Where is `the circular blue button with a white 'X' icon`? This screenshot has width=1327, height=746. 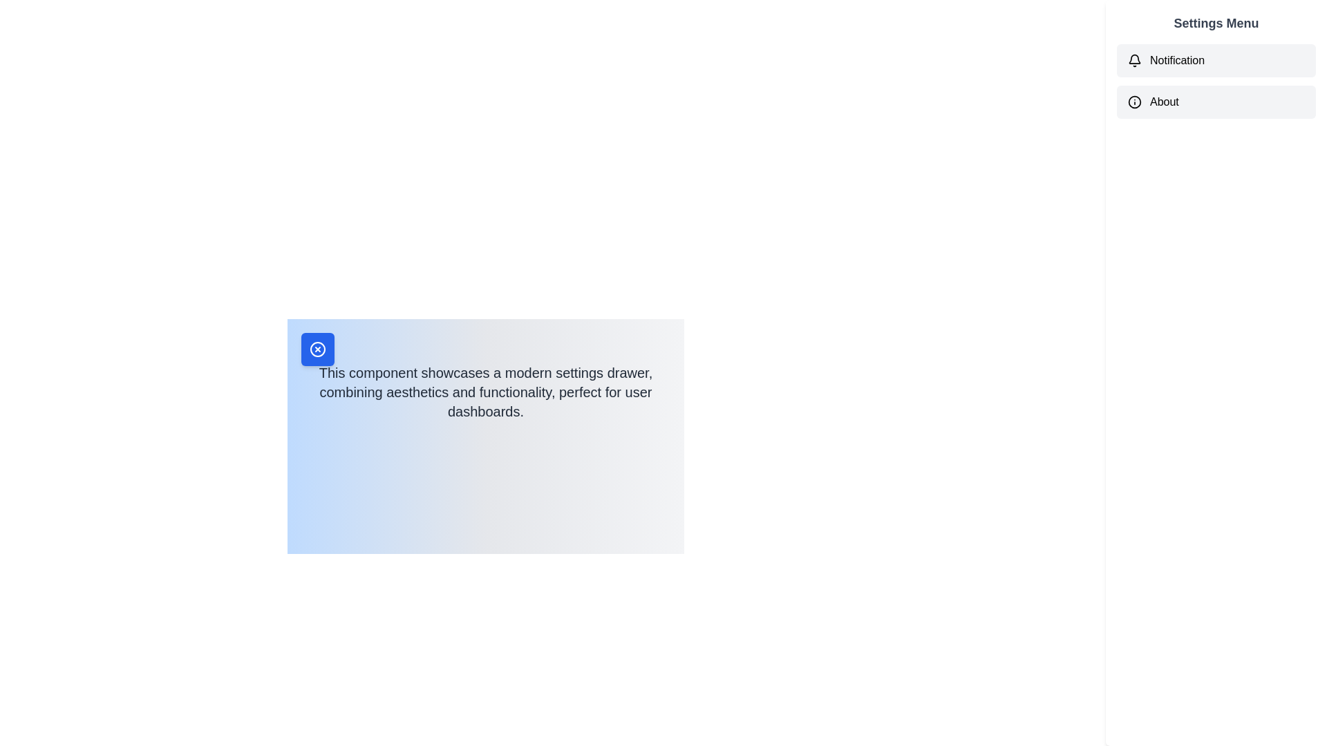
the circular blue button with a white 'X' icon is located at coordinates (317, 348).